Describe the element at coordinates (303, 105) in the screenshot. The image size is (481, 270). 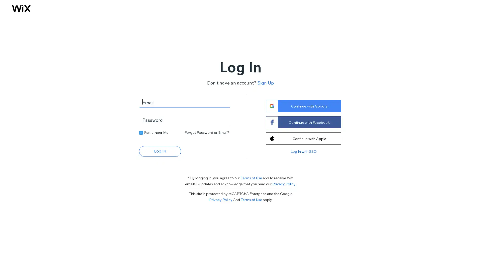
I see `Continue with Google` at that location.